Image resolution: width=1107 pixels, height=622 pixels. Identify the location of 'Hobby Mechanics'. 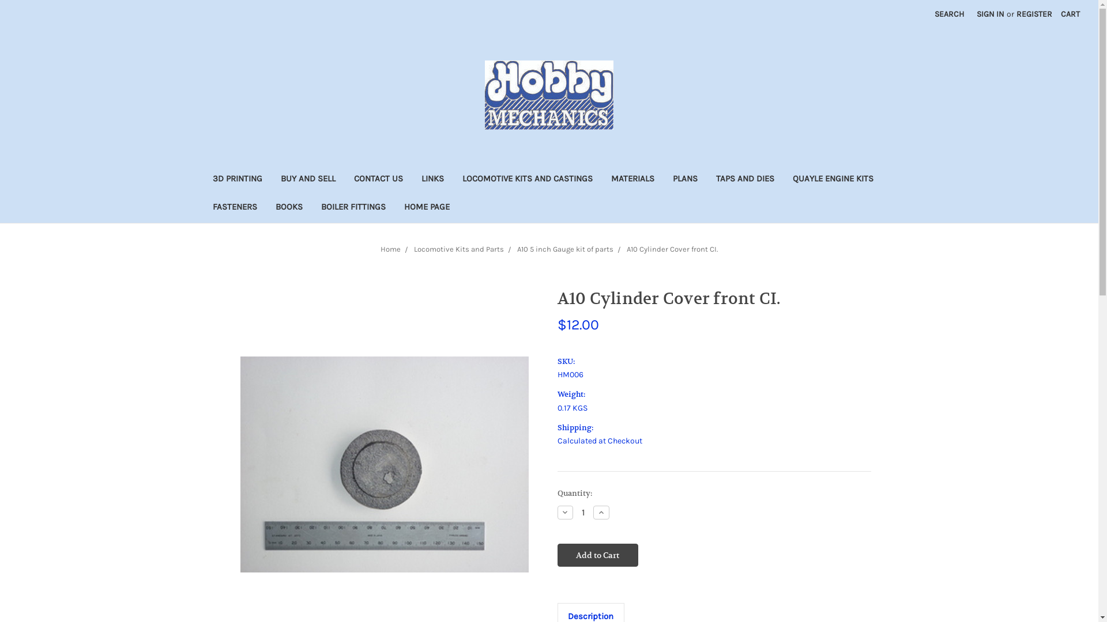
(548, 94).